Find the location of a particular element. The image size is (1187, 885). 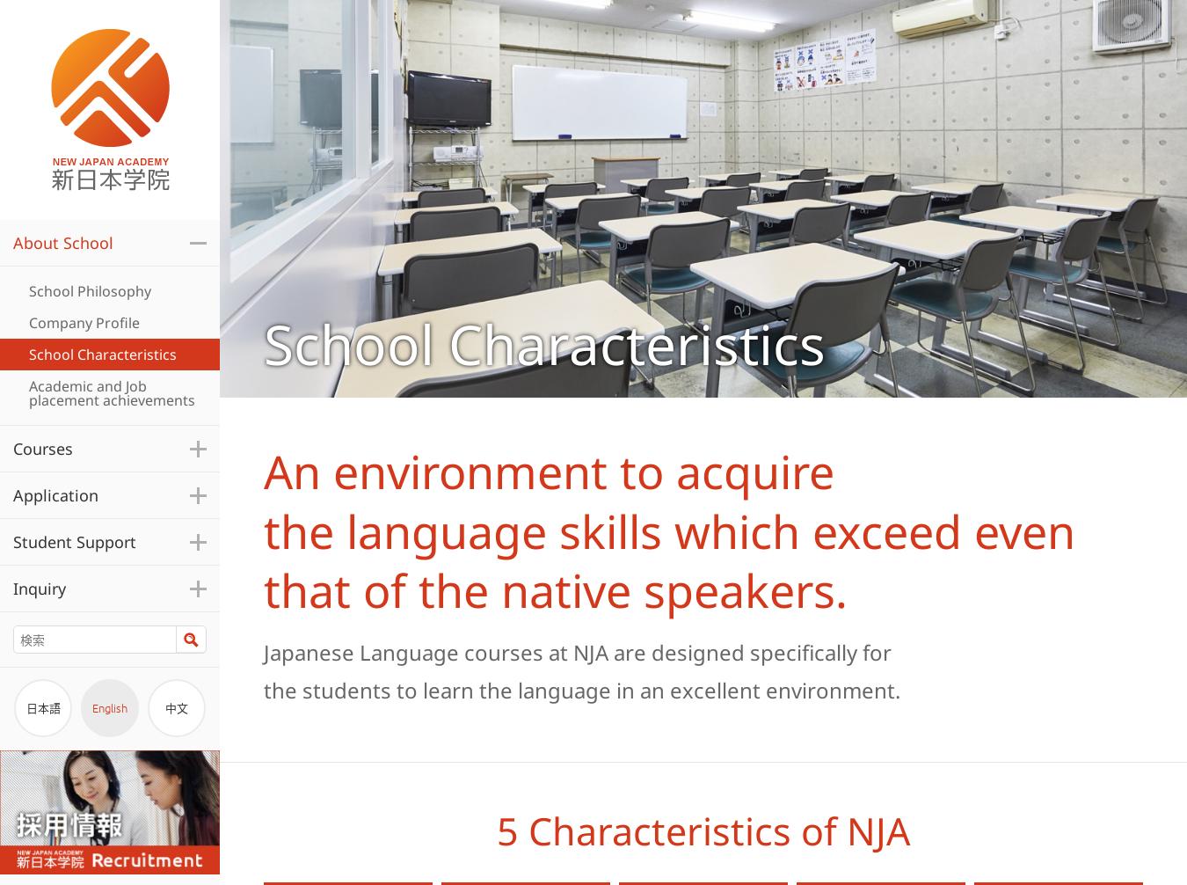

'Company Profile' is located at coordinates (83, 321).